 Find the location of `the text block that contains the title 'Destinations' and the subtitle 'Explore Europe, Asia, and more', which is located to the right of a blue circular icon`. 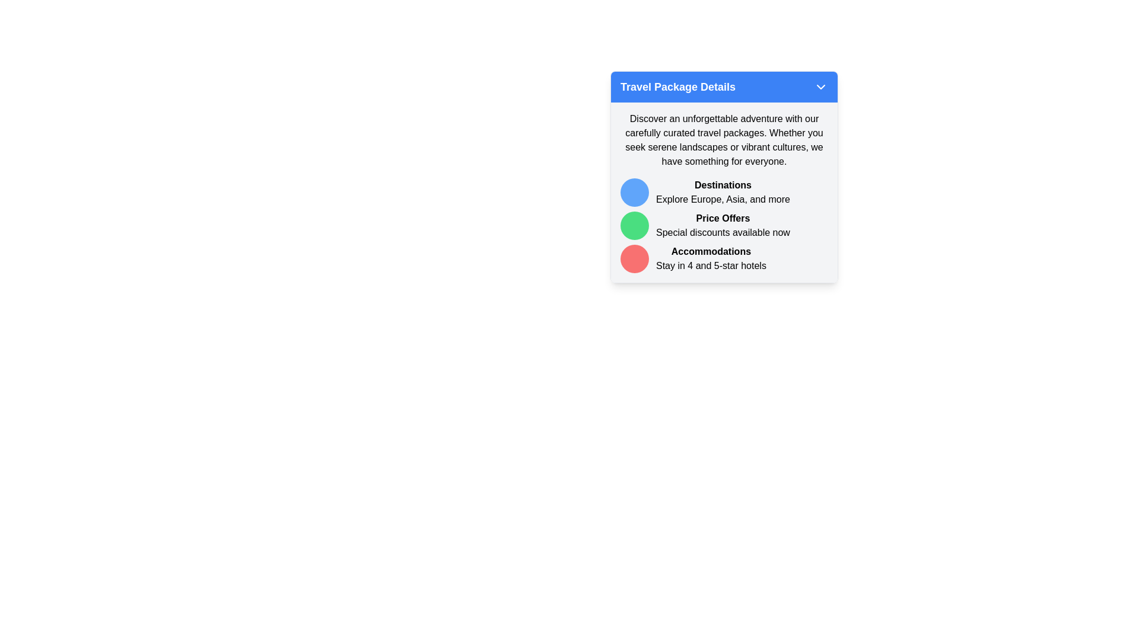

the text block that contains the title 'Destinations' and the subtitle 'Explore Europe, Asia, and more', which is located to the right of a blue circular icon is located at coordinates (723, 191).